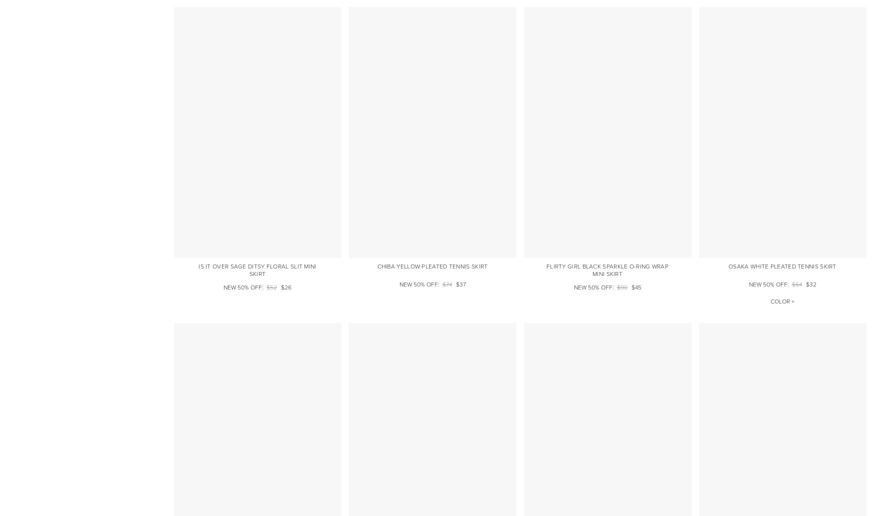  Describe the element at coordinates (621, 287) in the screenshot. I see `'$90'` at that location.